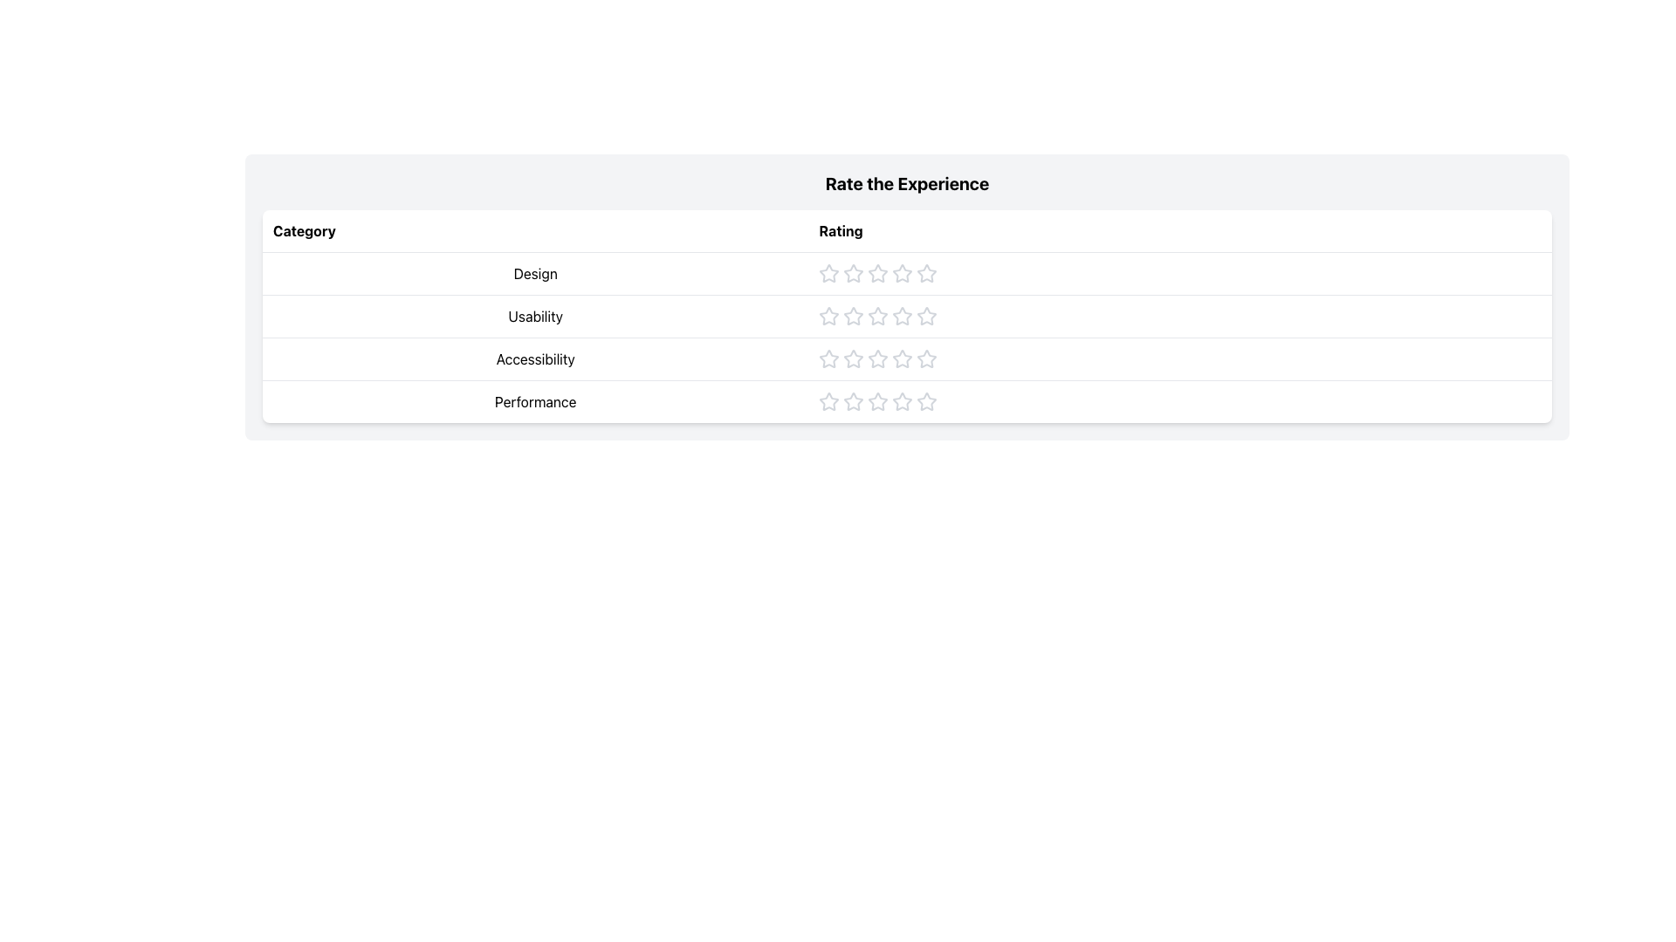 This screenshot has height=942, width=1676. Describe the element at coordinates (1180, 273) in the screenshot. I see `the Rating Widget located in the 'Rate the Experience' table, specifically in the second cell of the row labeled 'Design' under the column 'Rating'` at that location.